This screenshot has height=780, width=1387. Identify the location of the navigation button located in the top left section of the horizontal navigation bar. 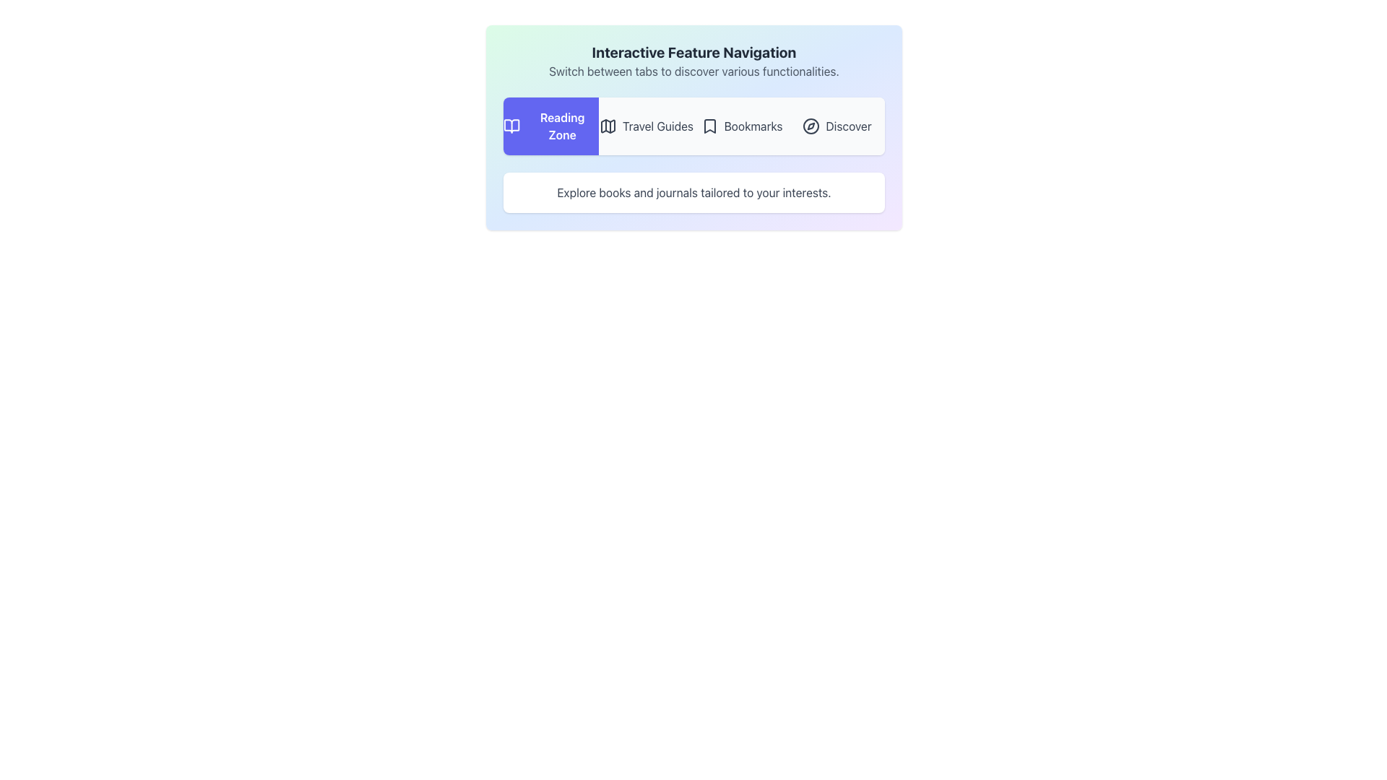
(550, 125).